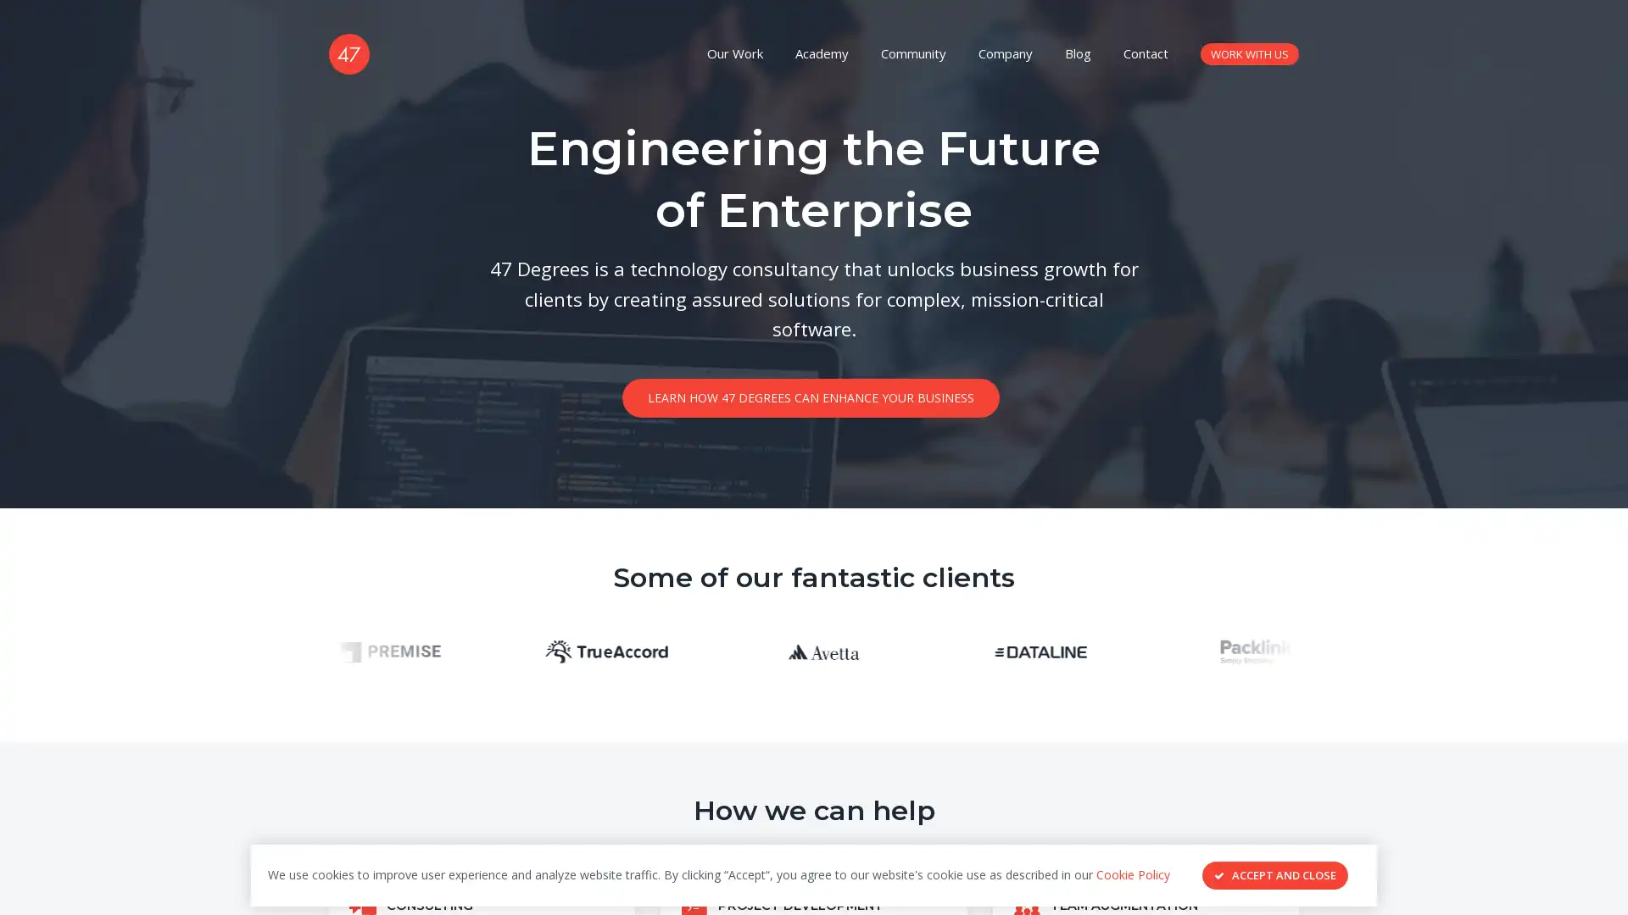 This screenshot has width=1628, height=915. I want to click on ACCEPT AND CLOSE, so click(1274, 875).